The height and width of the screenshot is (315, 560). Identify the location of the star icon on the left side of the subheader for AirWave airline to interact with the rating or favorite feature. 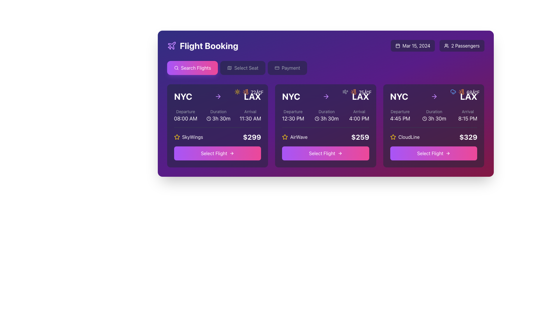
(285, 137).